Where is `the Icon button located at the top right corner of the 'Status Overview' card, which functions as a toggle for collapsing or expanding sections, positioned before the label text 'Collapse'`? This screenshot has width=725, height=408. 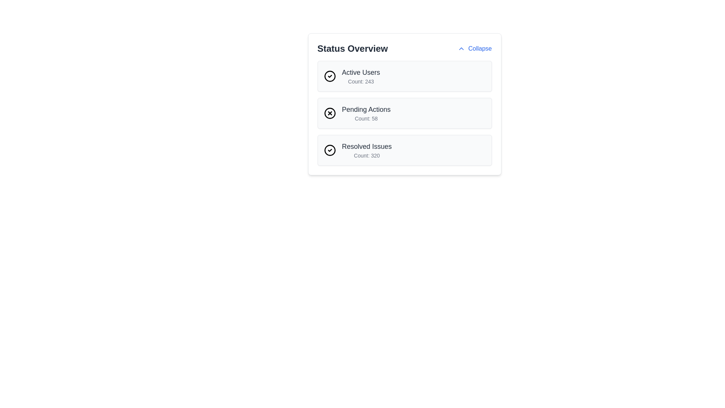
the Icon button located at the top right corner of the 'Status Overview' card, which functions as a toggle for collapsing or expanding sections, positioned before the label text 'Collapse' is located at coordinates (461, 48).